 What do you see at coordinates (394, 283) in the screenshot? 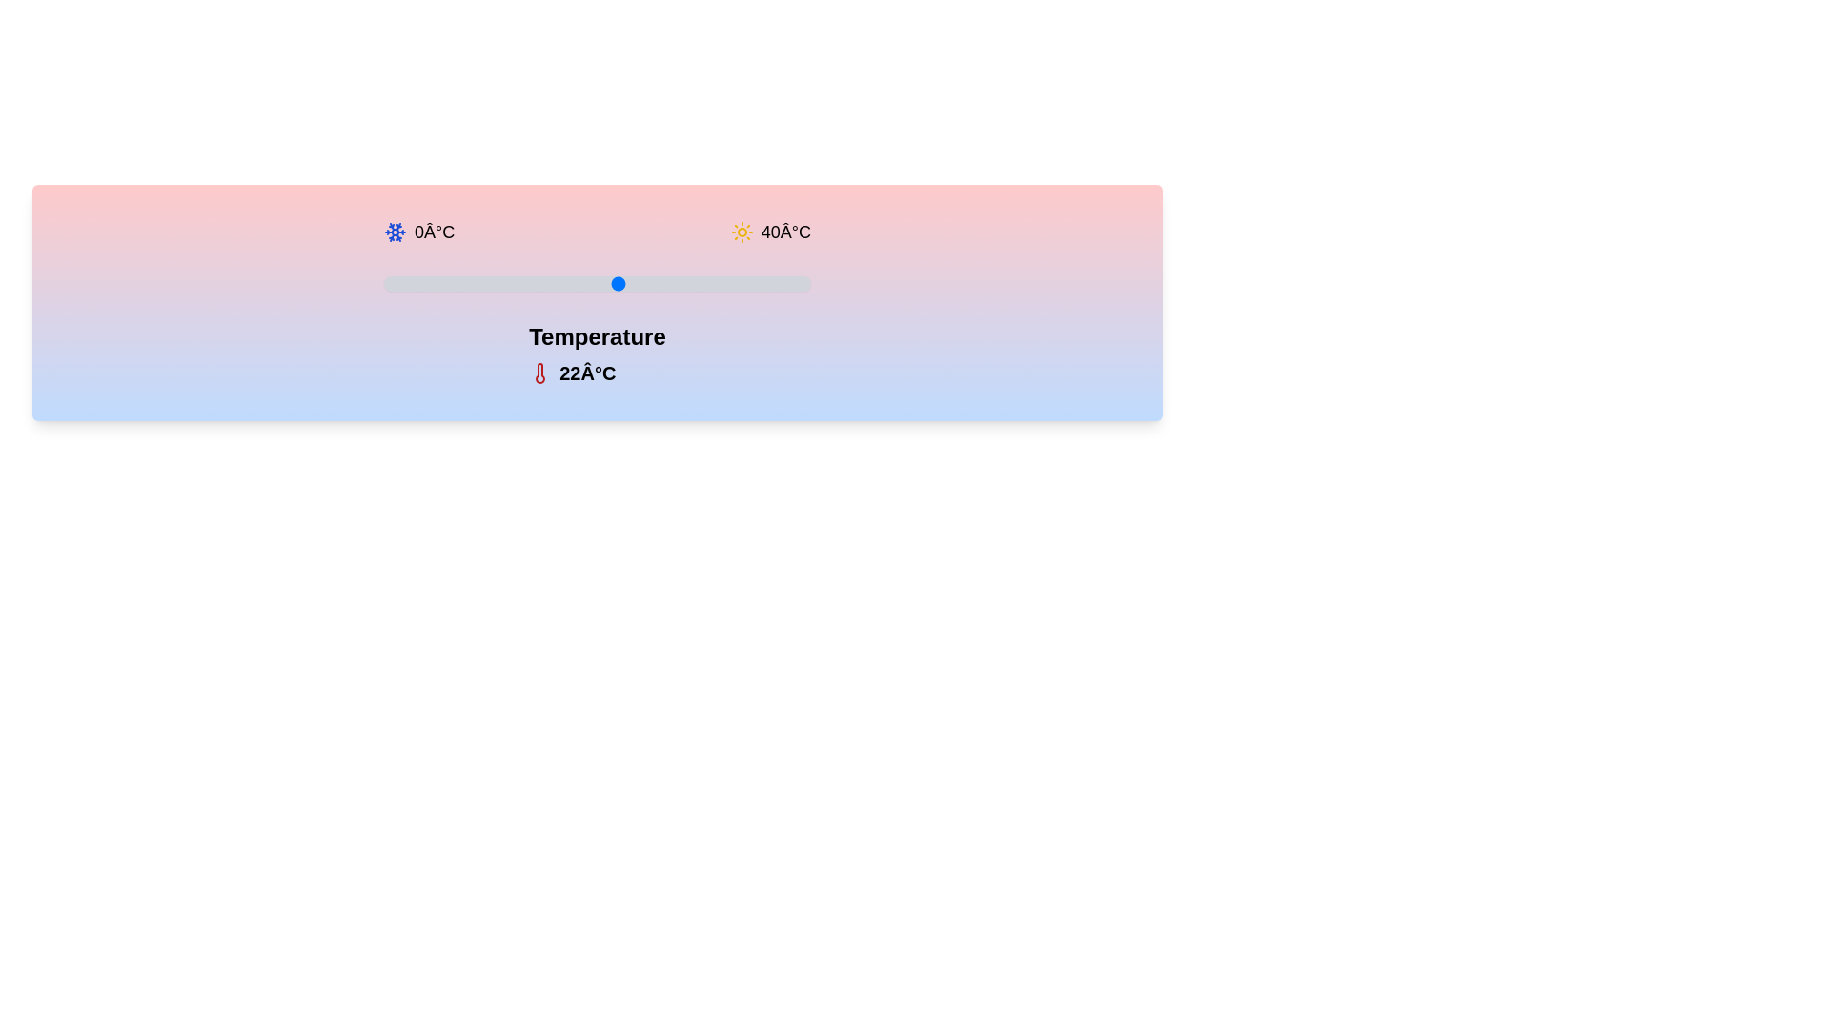
I see `the slider to set the temperature to 1°C` at bounding box center [394, 283].